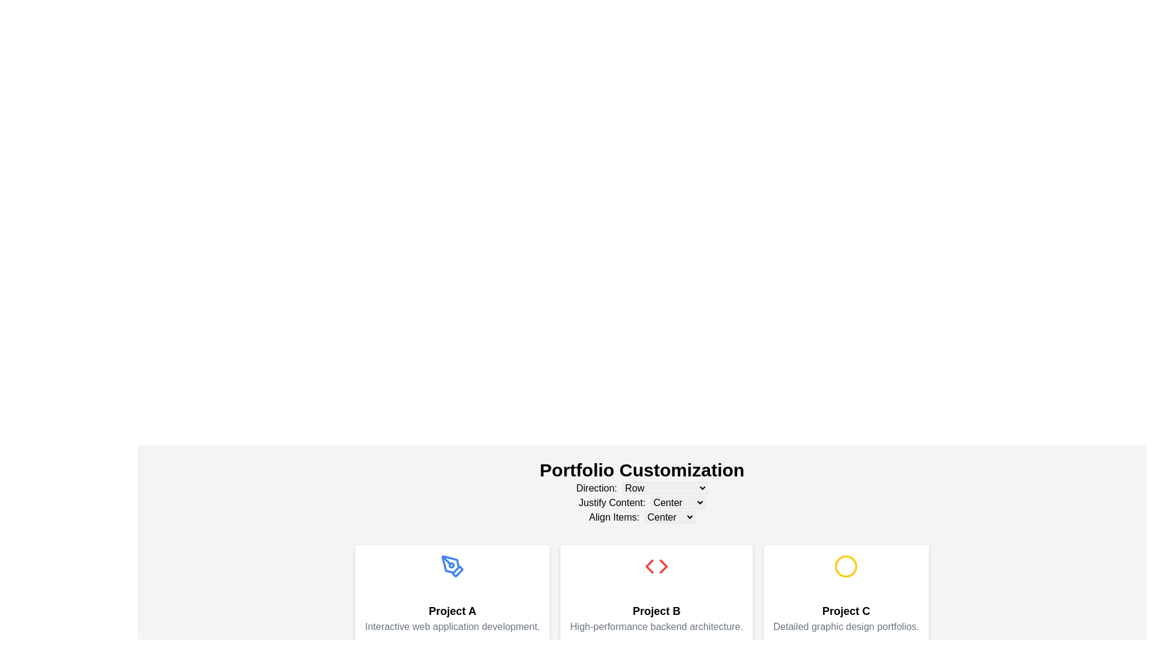 The image size is (1162, 653). What do you see at coordinates (845, 594) in the screenshot?
I see `the Card component titled 'Project C'` at bounding box center [845, 594].